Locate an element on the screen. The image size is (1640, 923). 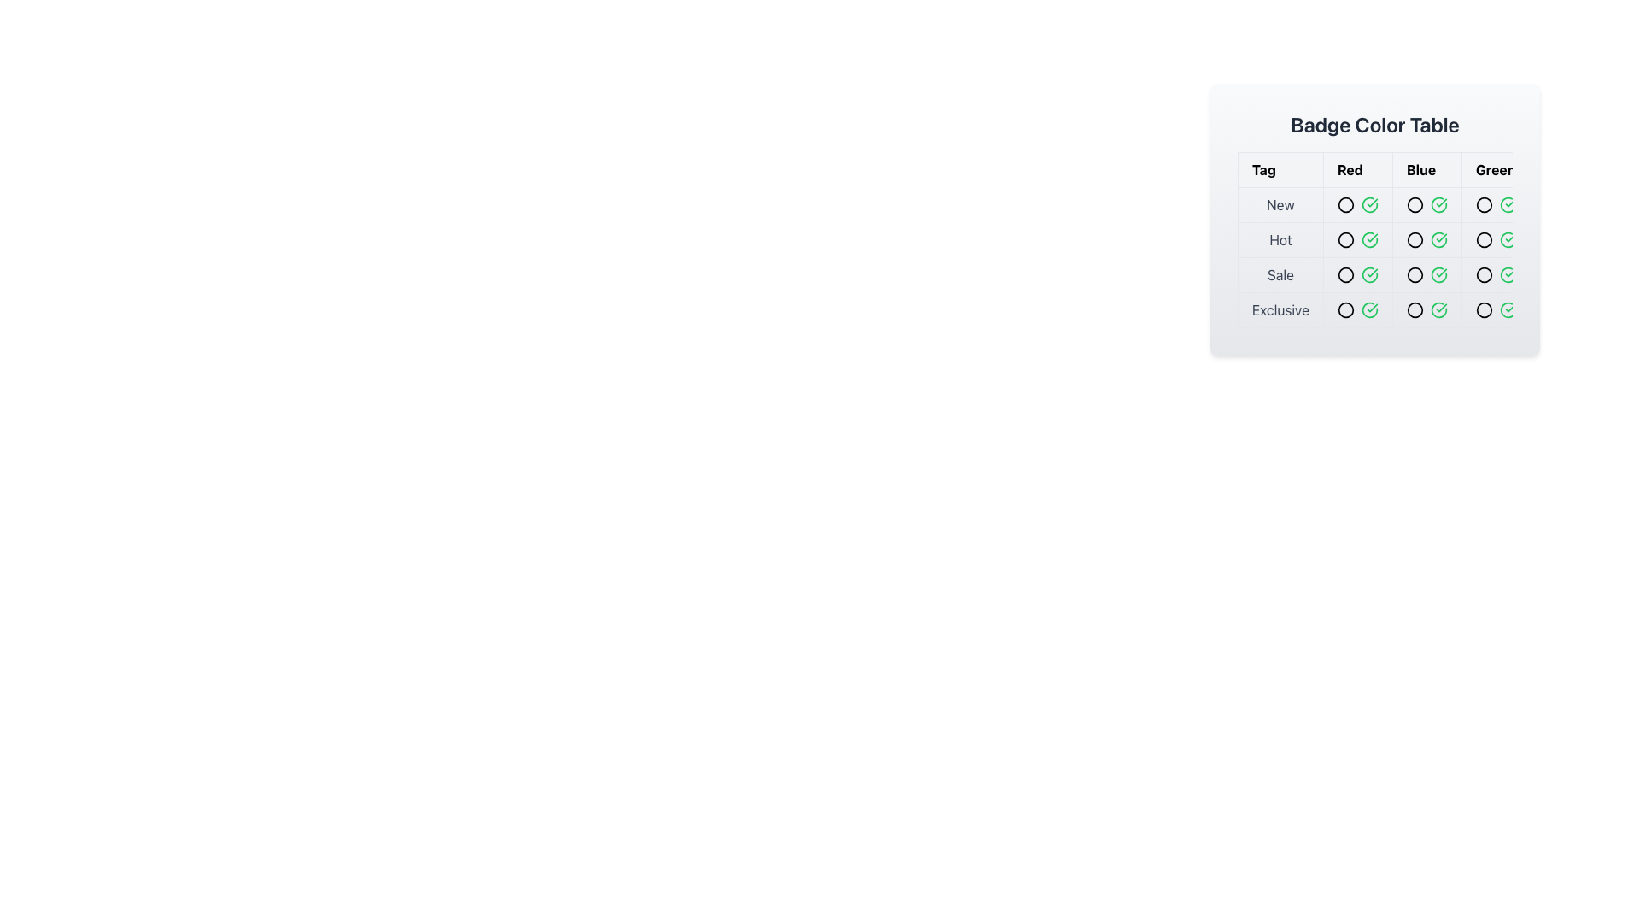
the horizontal group of icons containing a black outlined circle and a green checkmark, located in the third row under 'Sale' and third column under 'Blue' is located at coordinates (1426, 273).